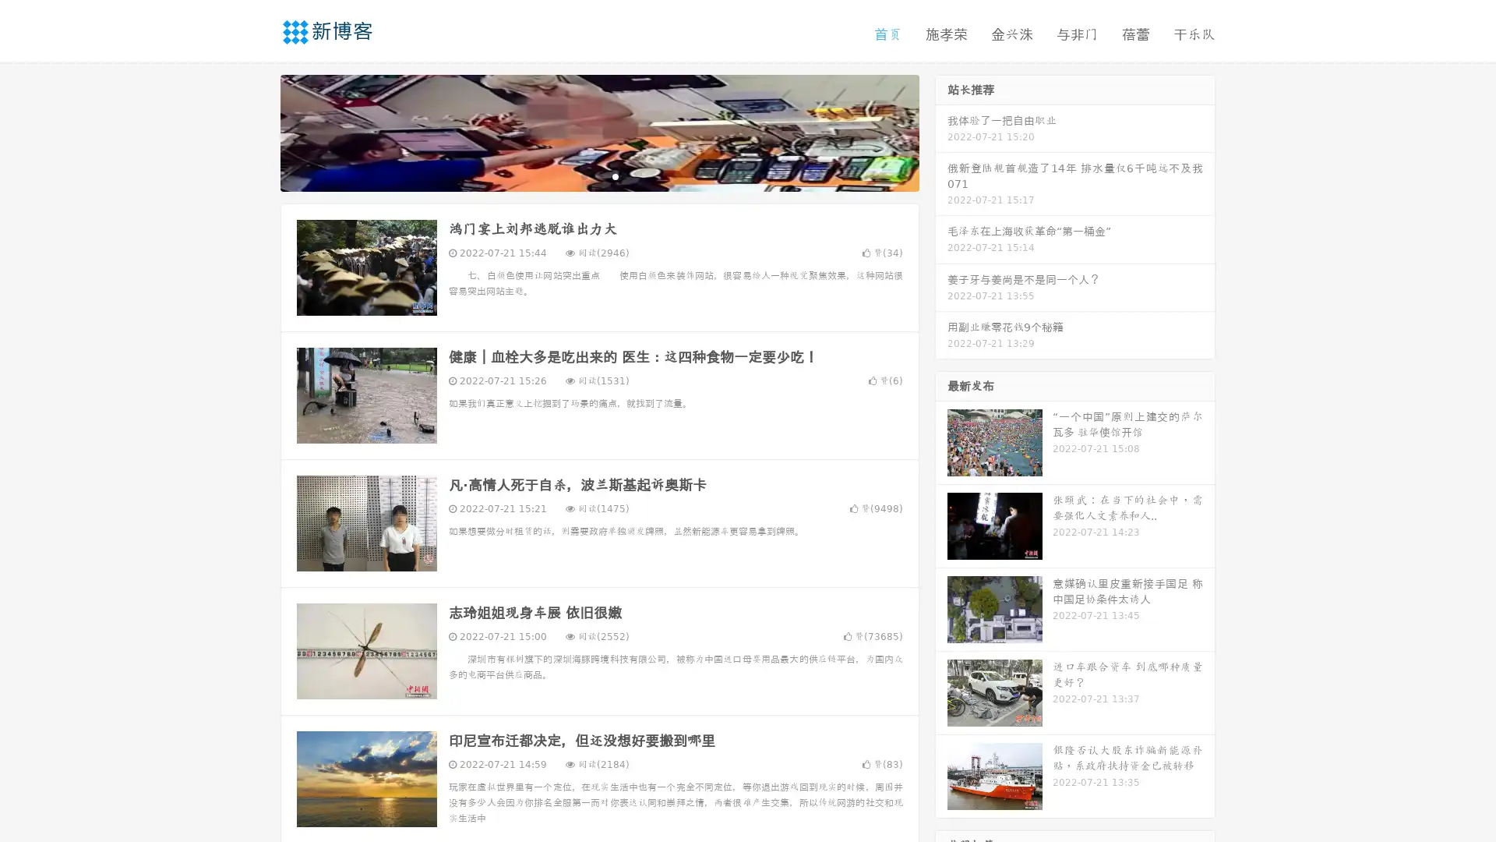 The height and width of the screenshot is (842, 1496). What do you see at coordinates (257, 131) in the screenshot?
I see `Previous slide` at bounding box center [257, 131].